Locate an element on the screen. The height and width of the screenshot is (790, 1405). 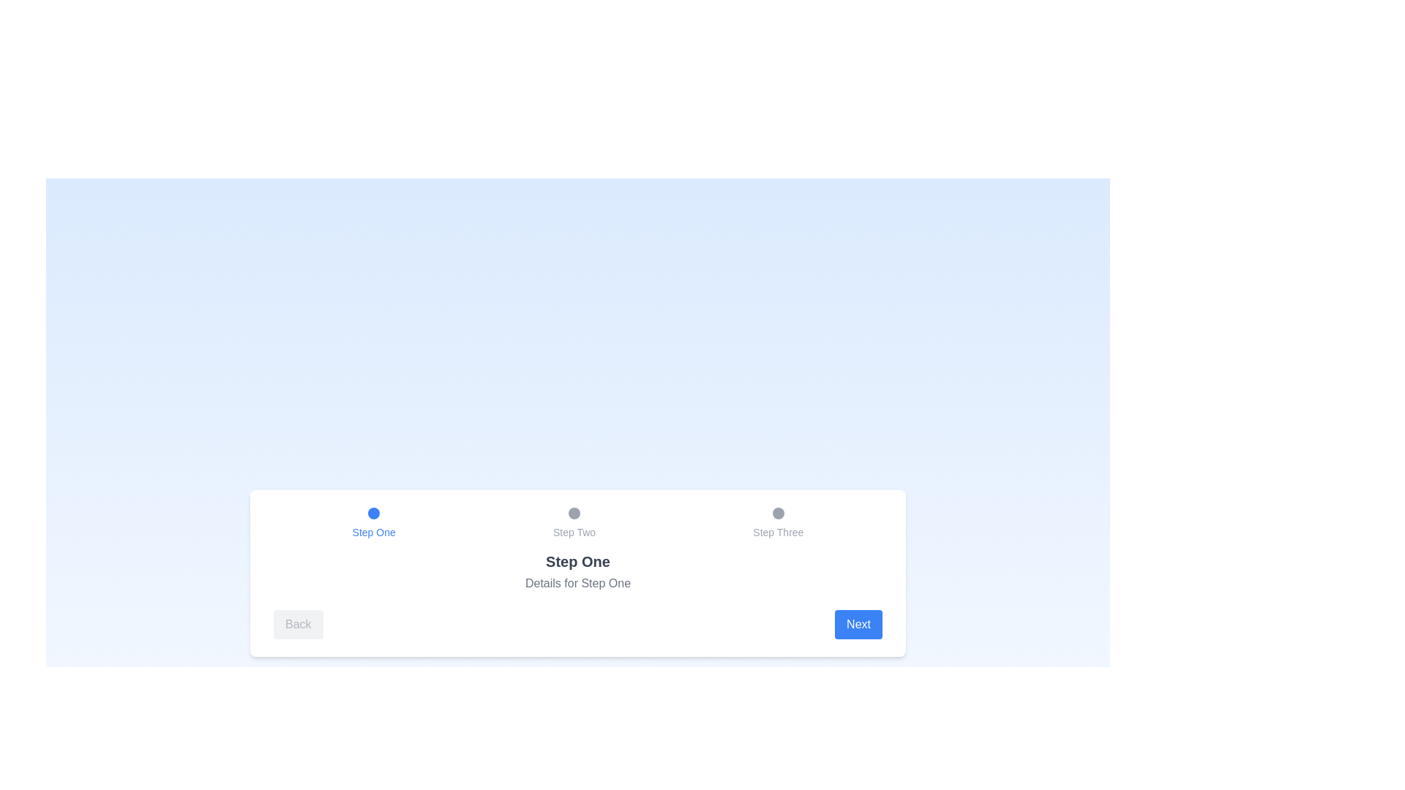
the Back button to navigate is located at coordinates (297, 624).